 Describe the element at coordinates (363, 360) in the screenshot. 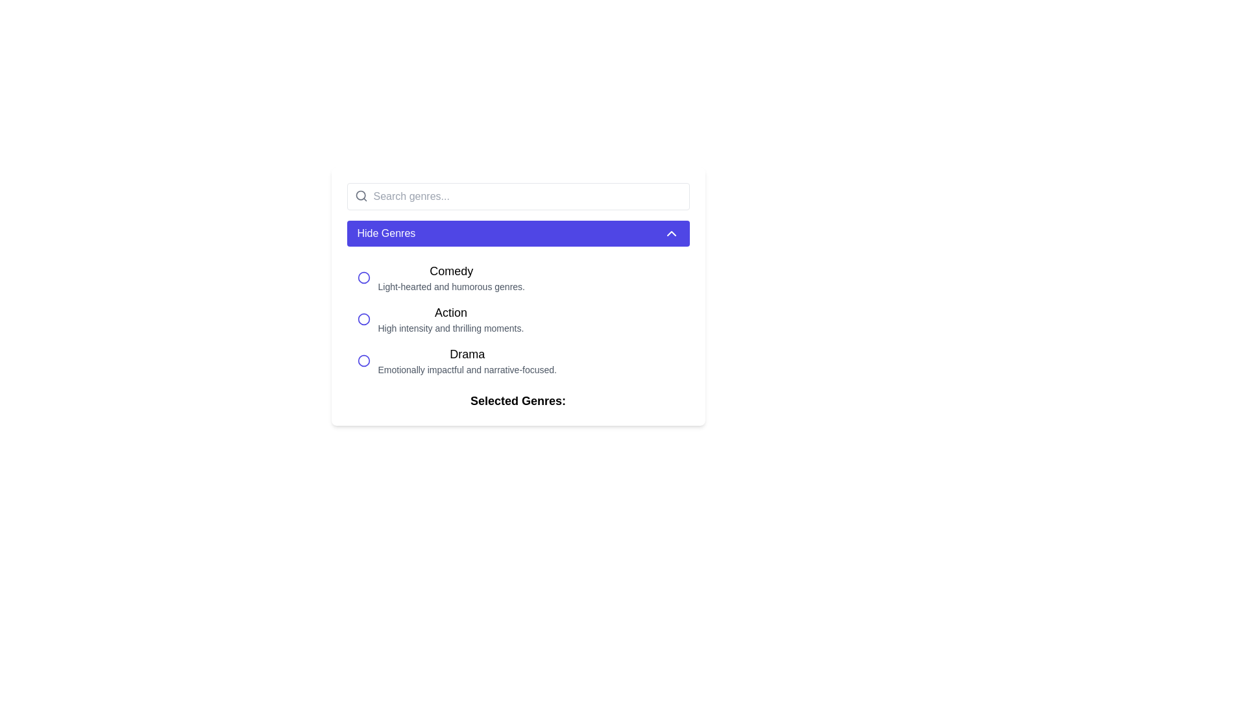

I see `the third circular radio button indicator representing the 'Drama' genre, located under the 'Hide Genres' heading` at that location.